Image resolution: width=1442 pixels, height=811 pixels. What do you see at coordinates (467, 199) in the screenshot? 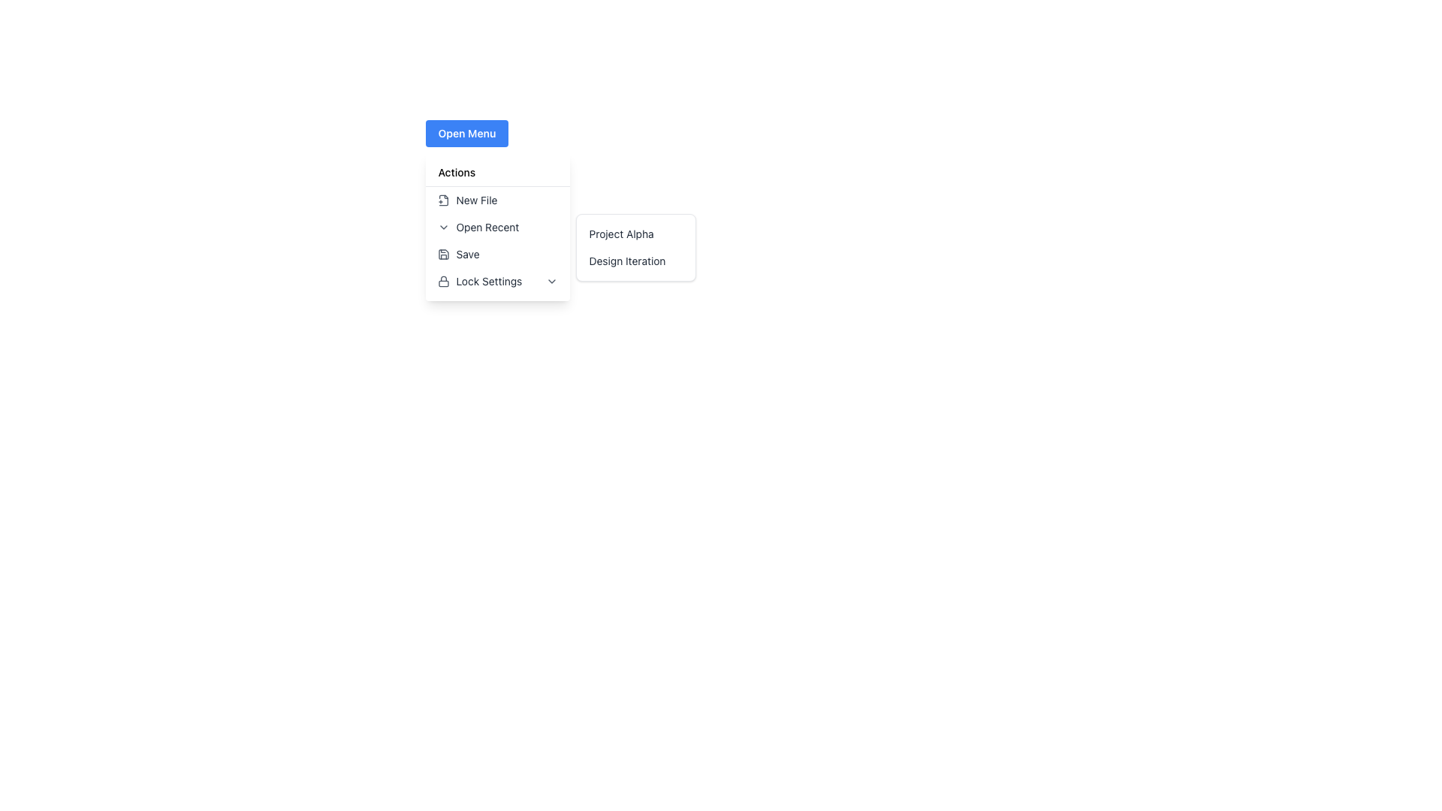
I see `the 'New File' menu item, which is the second item in the 'Actions' dropdown menu, to create a new file` at bounding box center [467, 199].